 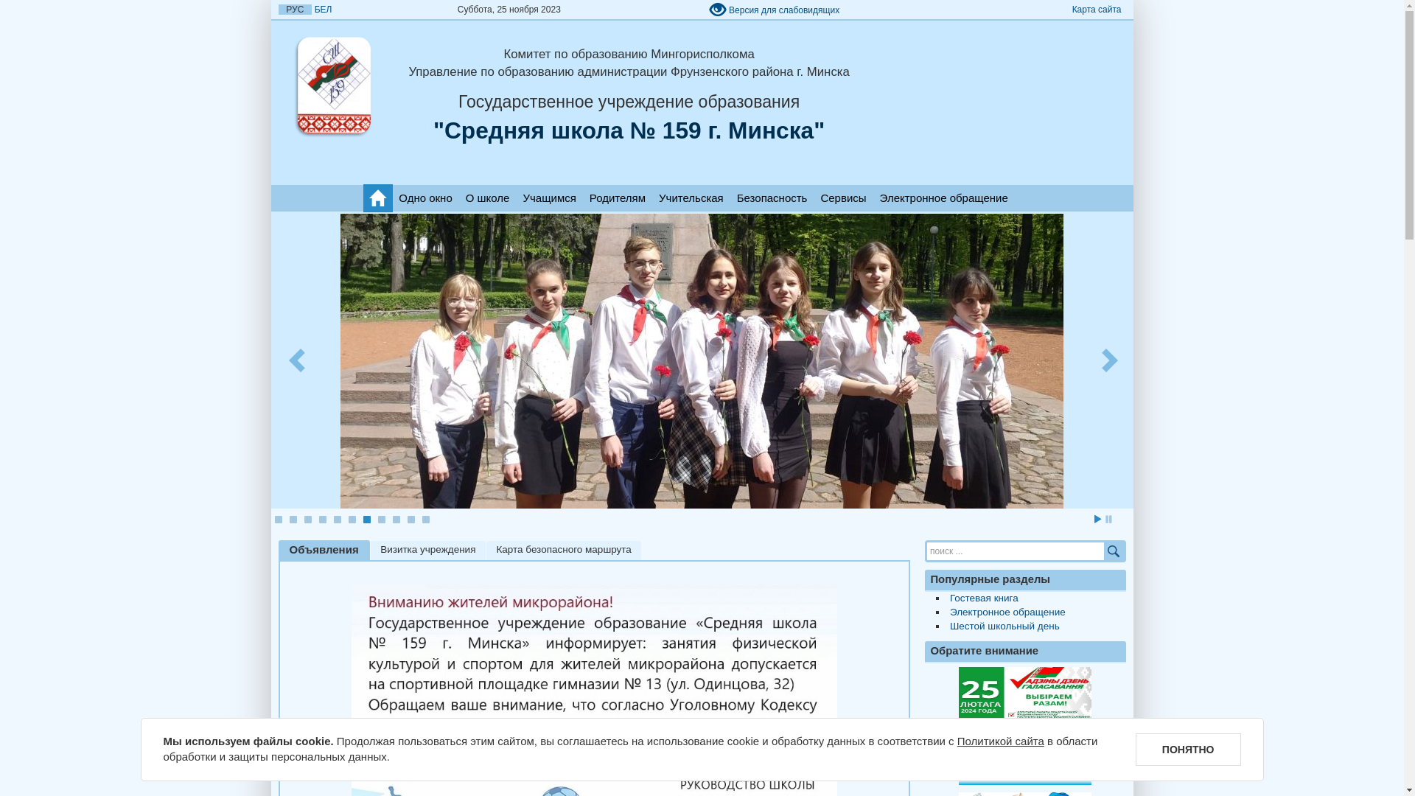 I want to click on '6', so click(x=350, y=519).